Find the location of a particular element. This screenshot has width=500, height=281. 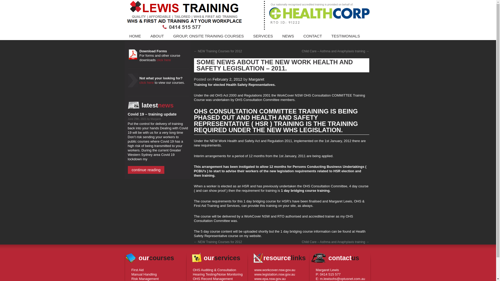

'Risk Management' is located at coordinates (145, 278).